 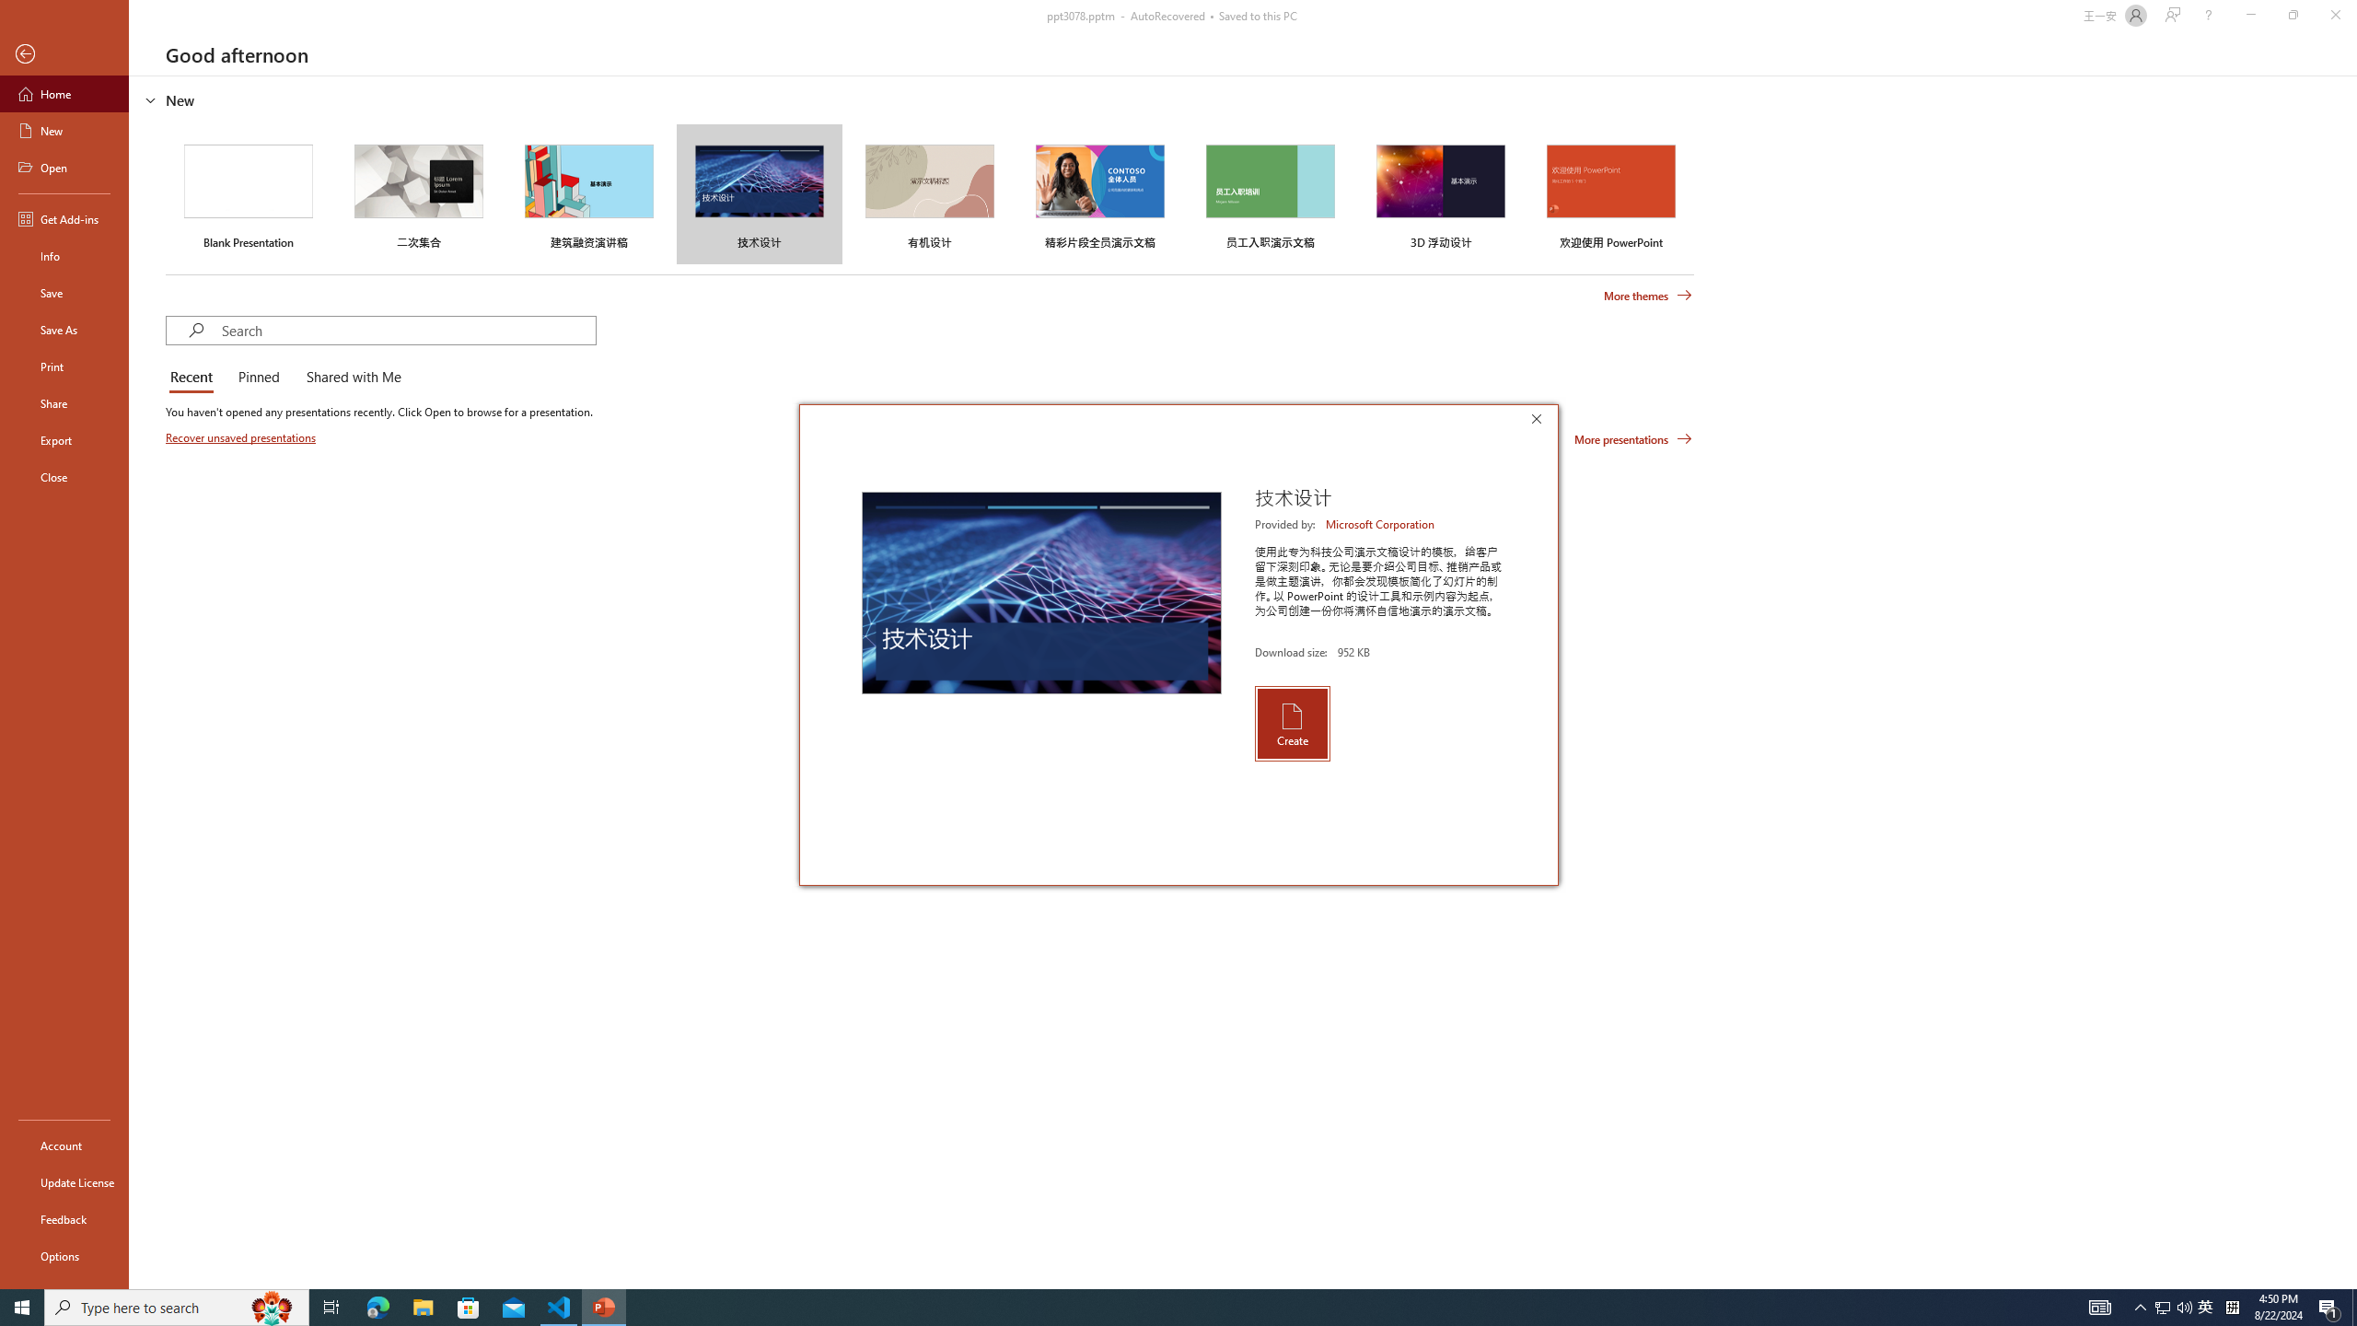 I want to click on 'Recover unsaved presentations', so click(x=241, y=436).